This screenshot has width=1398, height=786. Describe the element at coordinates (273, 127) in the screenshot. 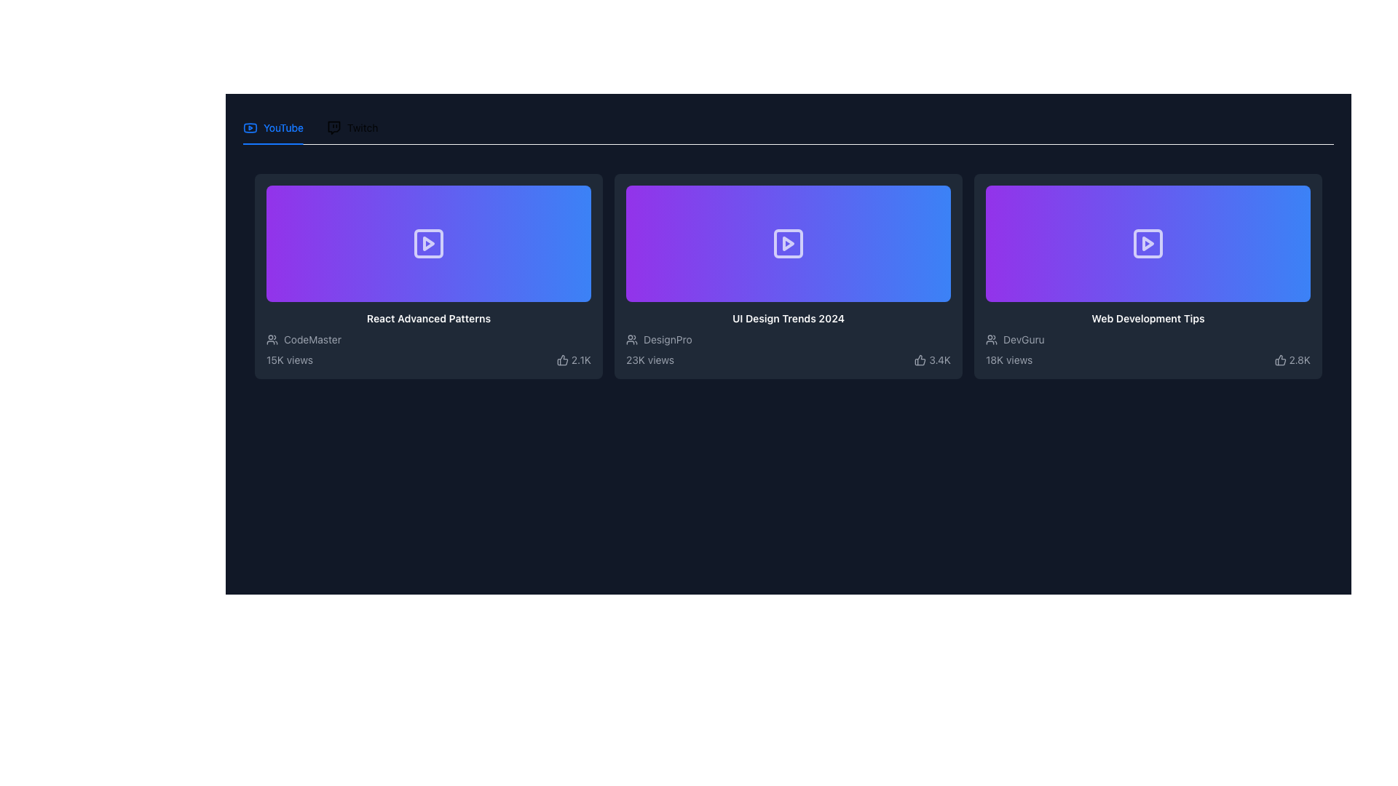

I see `the 'YouTube' tab, which features a text label and a minimalistic icon` at that location.